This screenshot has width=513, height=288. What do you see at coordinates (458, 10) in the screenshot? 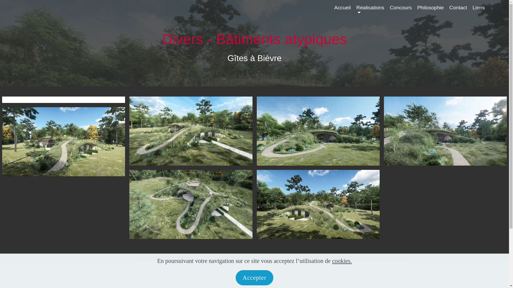
I see `'Contact'` at bounding box center [458, 10].